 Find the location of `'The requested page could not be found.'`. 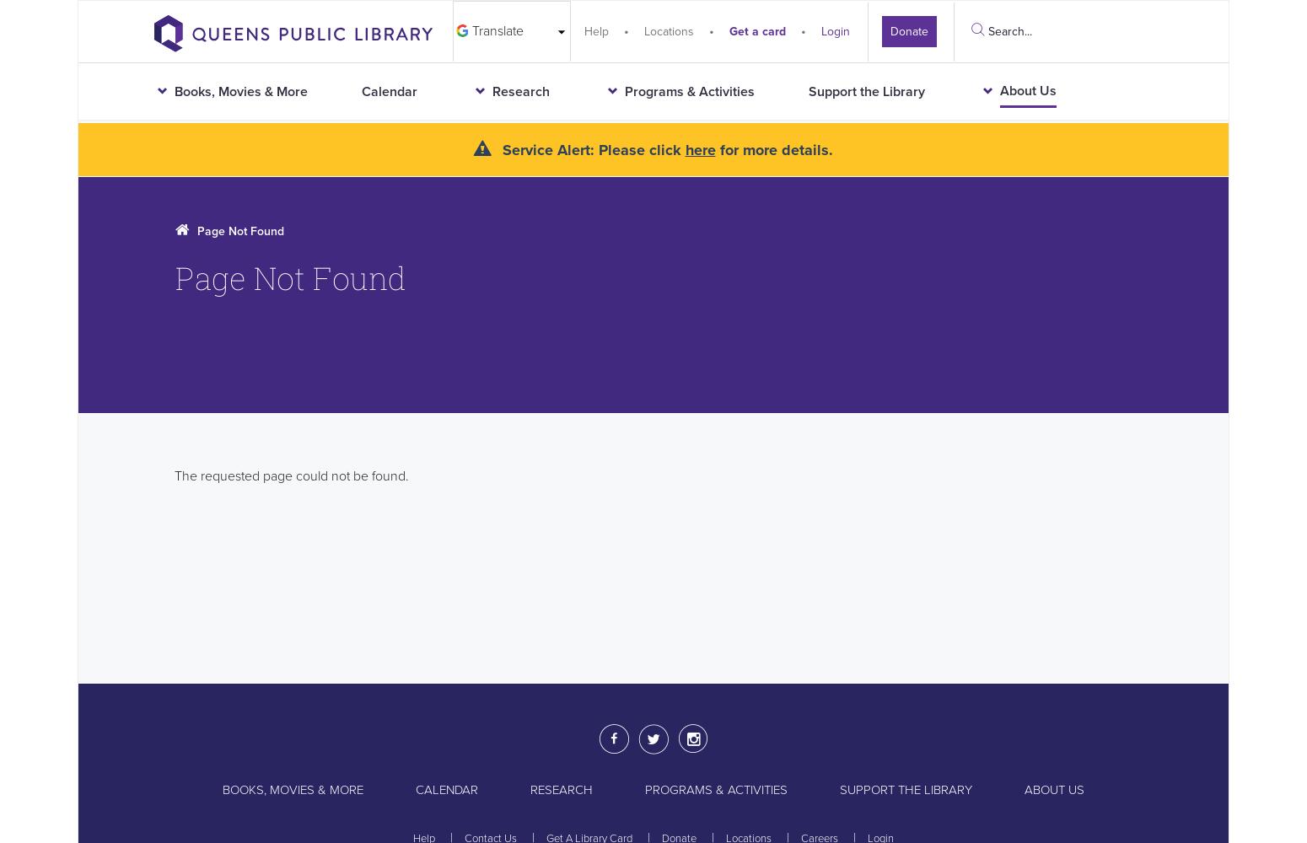

'The requested page could not be found.' is located at coordinates (290, 475).